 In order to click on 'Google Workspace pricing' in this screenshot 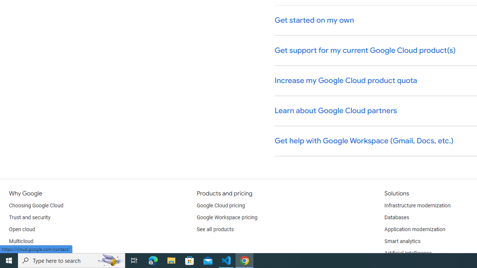, I will do `click(227, 218)`.